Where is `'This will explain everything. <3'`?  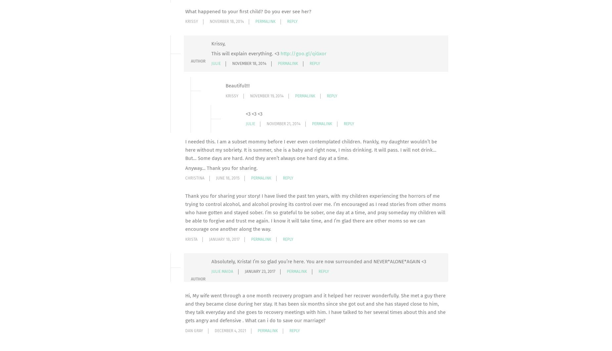
'This will explain everything. <3' is located at coordinates (246, 53).